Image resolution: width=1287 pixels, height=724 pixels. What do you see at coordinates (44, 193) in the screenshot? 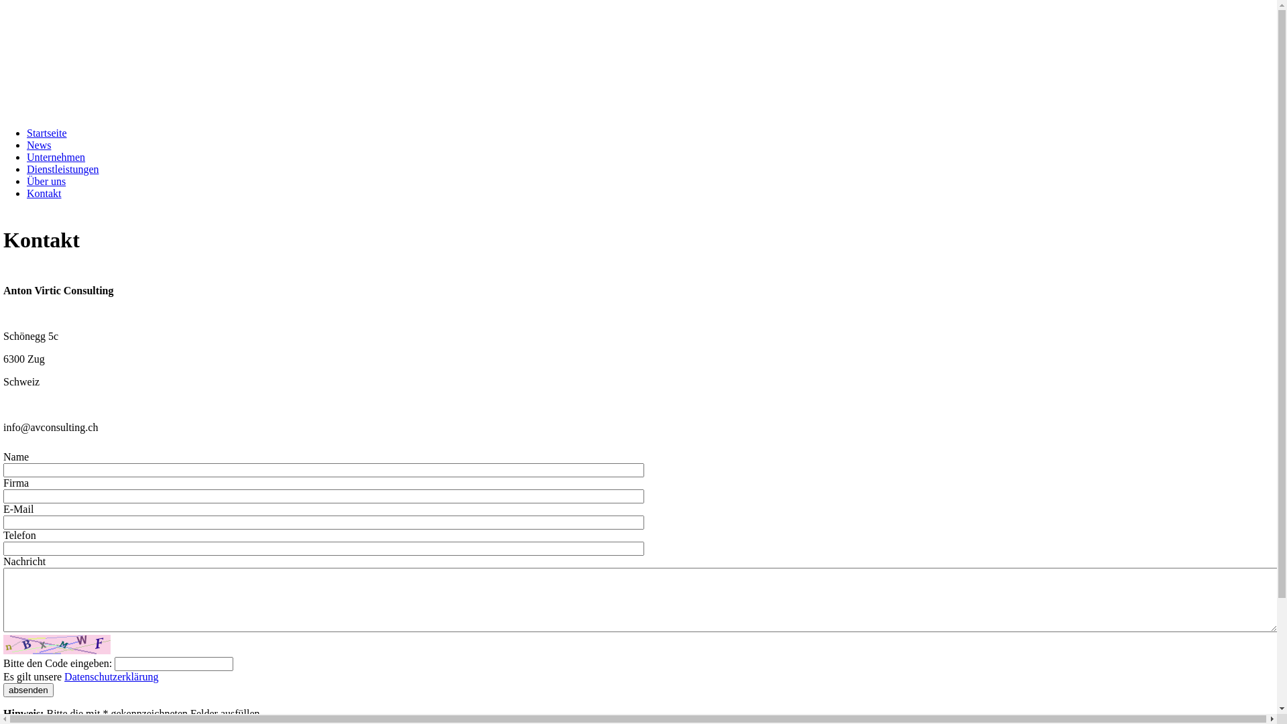
I see `'Kontakt'` at bounding box center [44, 193].